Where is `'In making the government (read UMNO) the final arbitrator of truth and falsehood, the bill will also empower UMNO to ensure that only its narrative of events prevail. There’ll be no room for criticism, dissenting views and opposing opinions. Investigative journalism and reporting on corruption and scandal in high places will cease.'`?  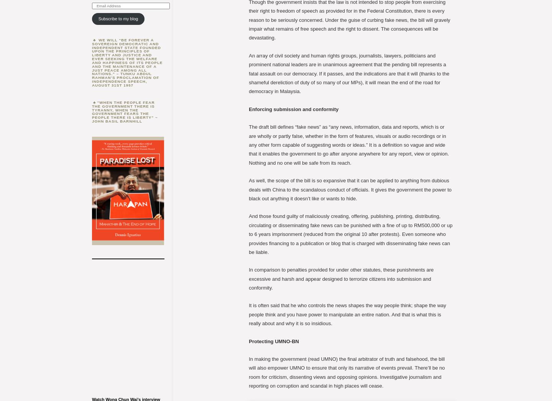
'In making the government (read UMNO) the final arbitrator of truth and falsehood, the bill will also empower UMNO to ensure that only its narrative of events prevail. There’ll be no room for criticism, dissenting views and opposing opinions. Investigative journalism and reporting on corruption and scandal in high places will cease.' is located at coordinates (248, 372).